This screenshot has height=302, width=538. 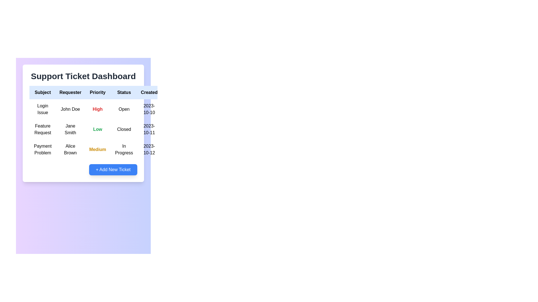 What do you see at coordinates (42, 129) in the screenshot?
I see `text content of the Text Label displaying the subject of a support ticket in the second row, first column of the table layout` at bounding box center [42, 129].